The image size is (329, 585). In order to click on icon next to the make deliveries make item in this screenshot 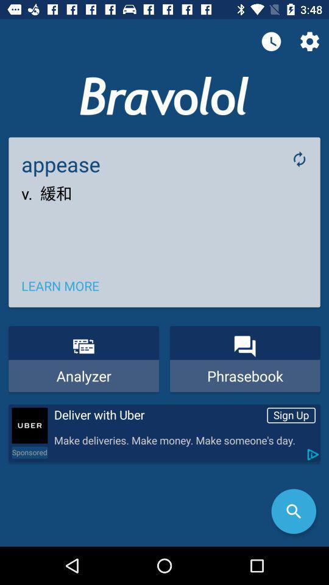, I will do `click(29, 452)`.